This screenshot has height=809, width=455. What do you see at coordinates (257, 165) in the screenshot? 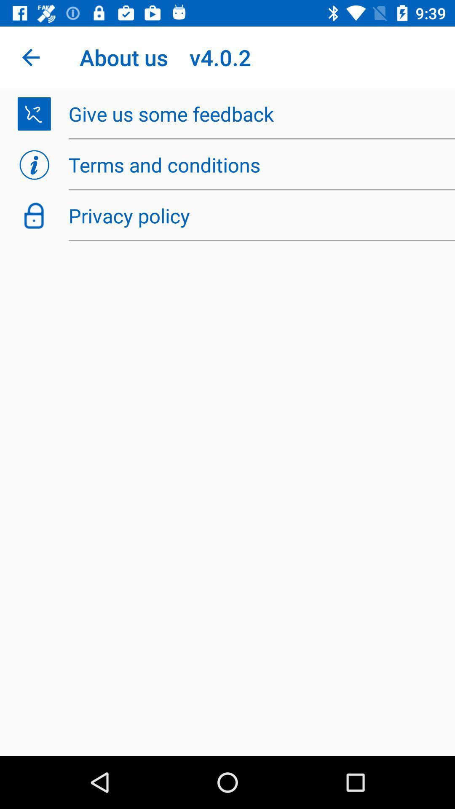
I see `terms and conditions item` at bounding box center [257, 165].